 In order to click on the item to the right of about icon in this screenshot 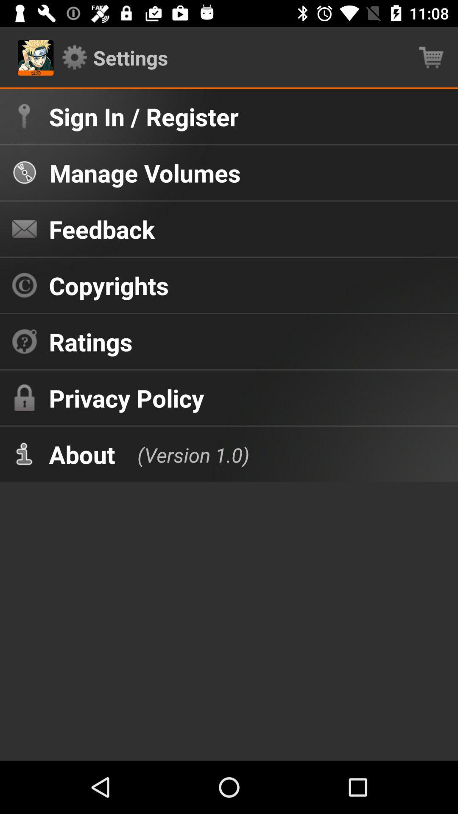, I will do `click(184, 454)`.